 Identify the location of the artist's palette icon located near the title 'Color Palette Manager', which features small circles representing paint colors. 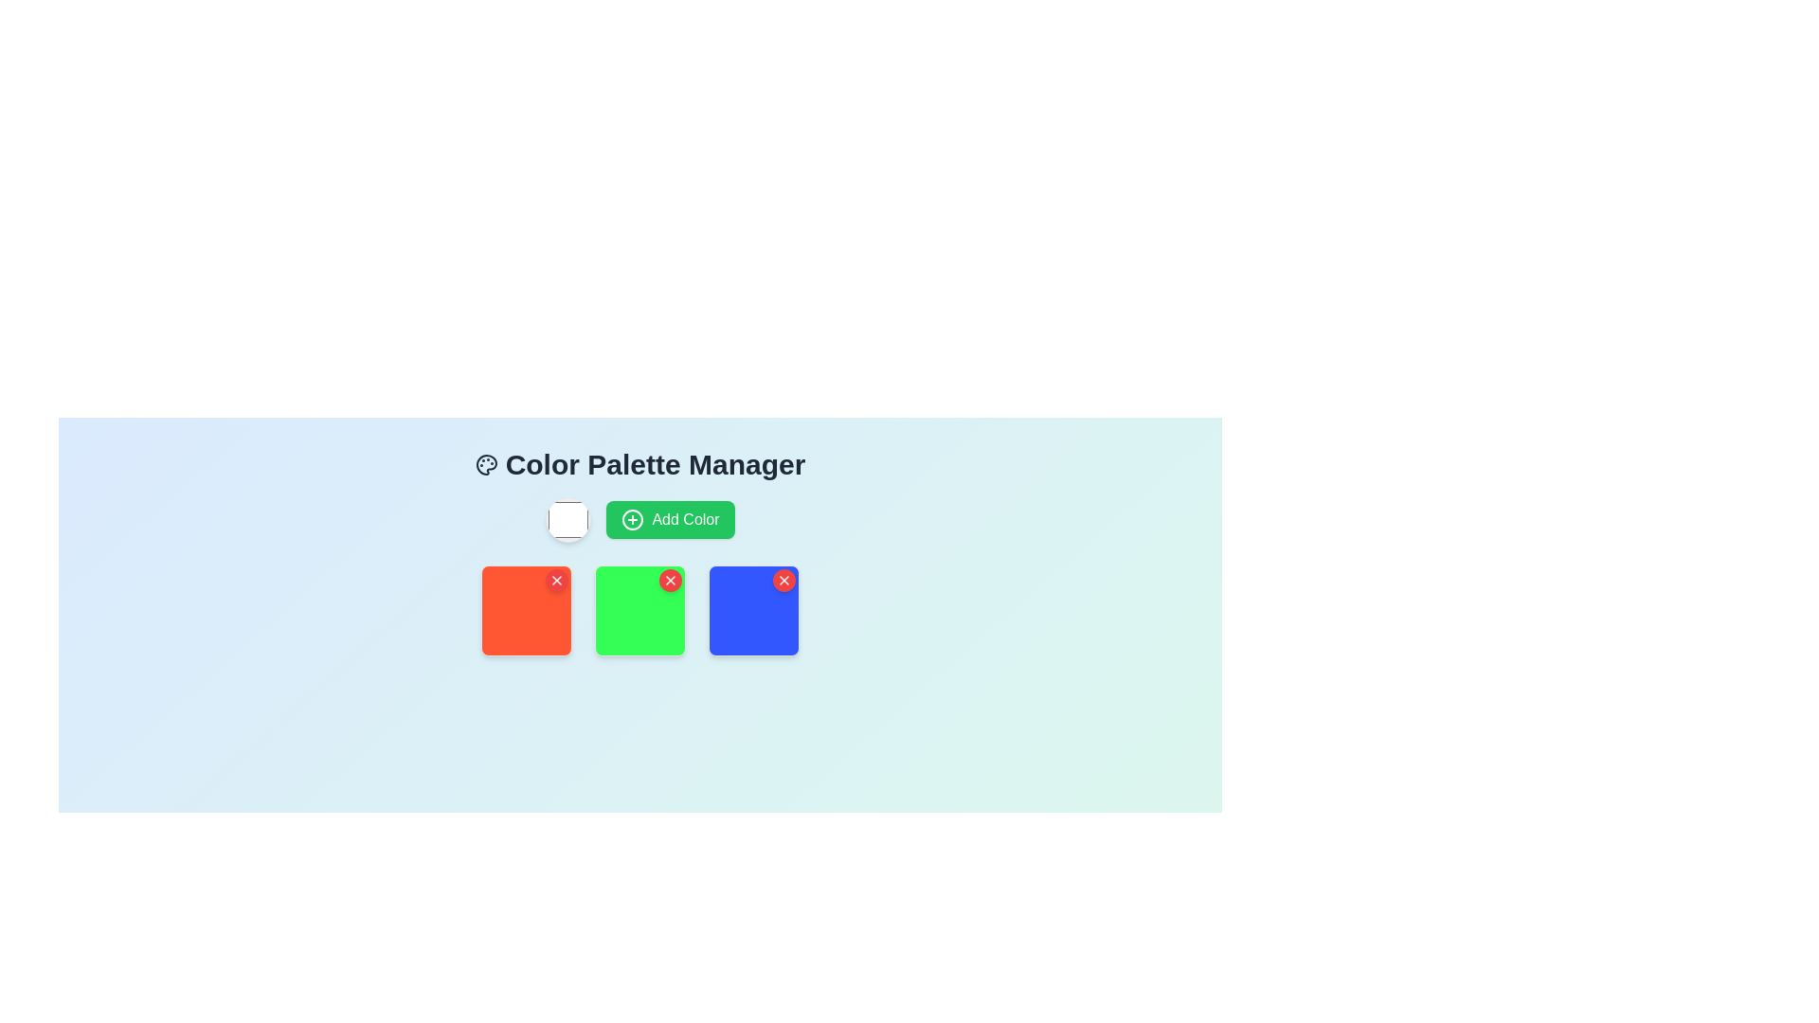
(486, 464).